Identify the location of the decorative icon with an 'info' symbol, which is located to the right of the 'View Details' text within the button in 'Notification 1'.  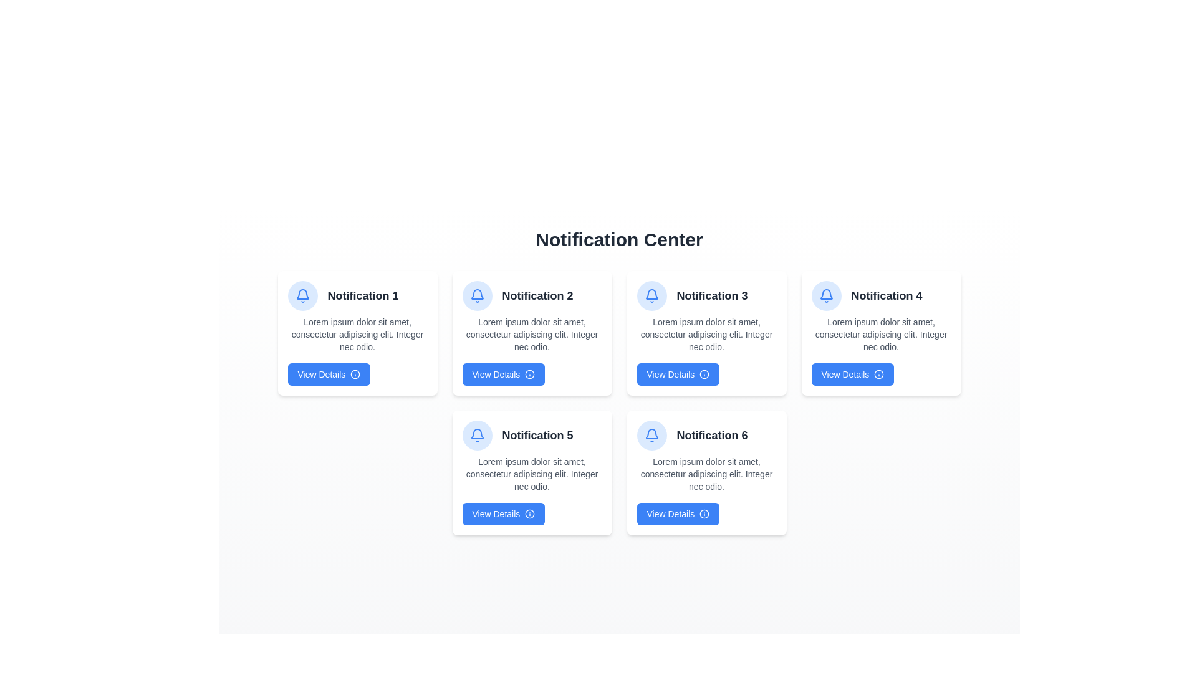
(355, 374).